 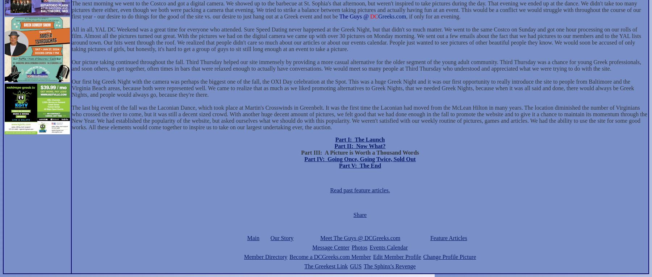 What do you see at coordinates (397, 256) in the screenshot?
I see `'Edit Member Profile'` at bounding box center [397, 256].